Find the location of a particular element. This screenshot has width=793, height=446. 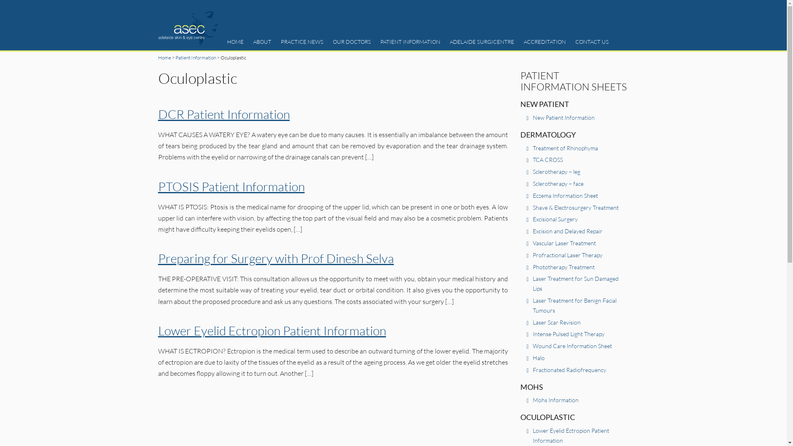

'HOME' is located at coordinates (235, 41).